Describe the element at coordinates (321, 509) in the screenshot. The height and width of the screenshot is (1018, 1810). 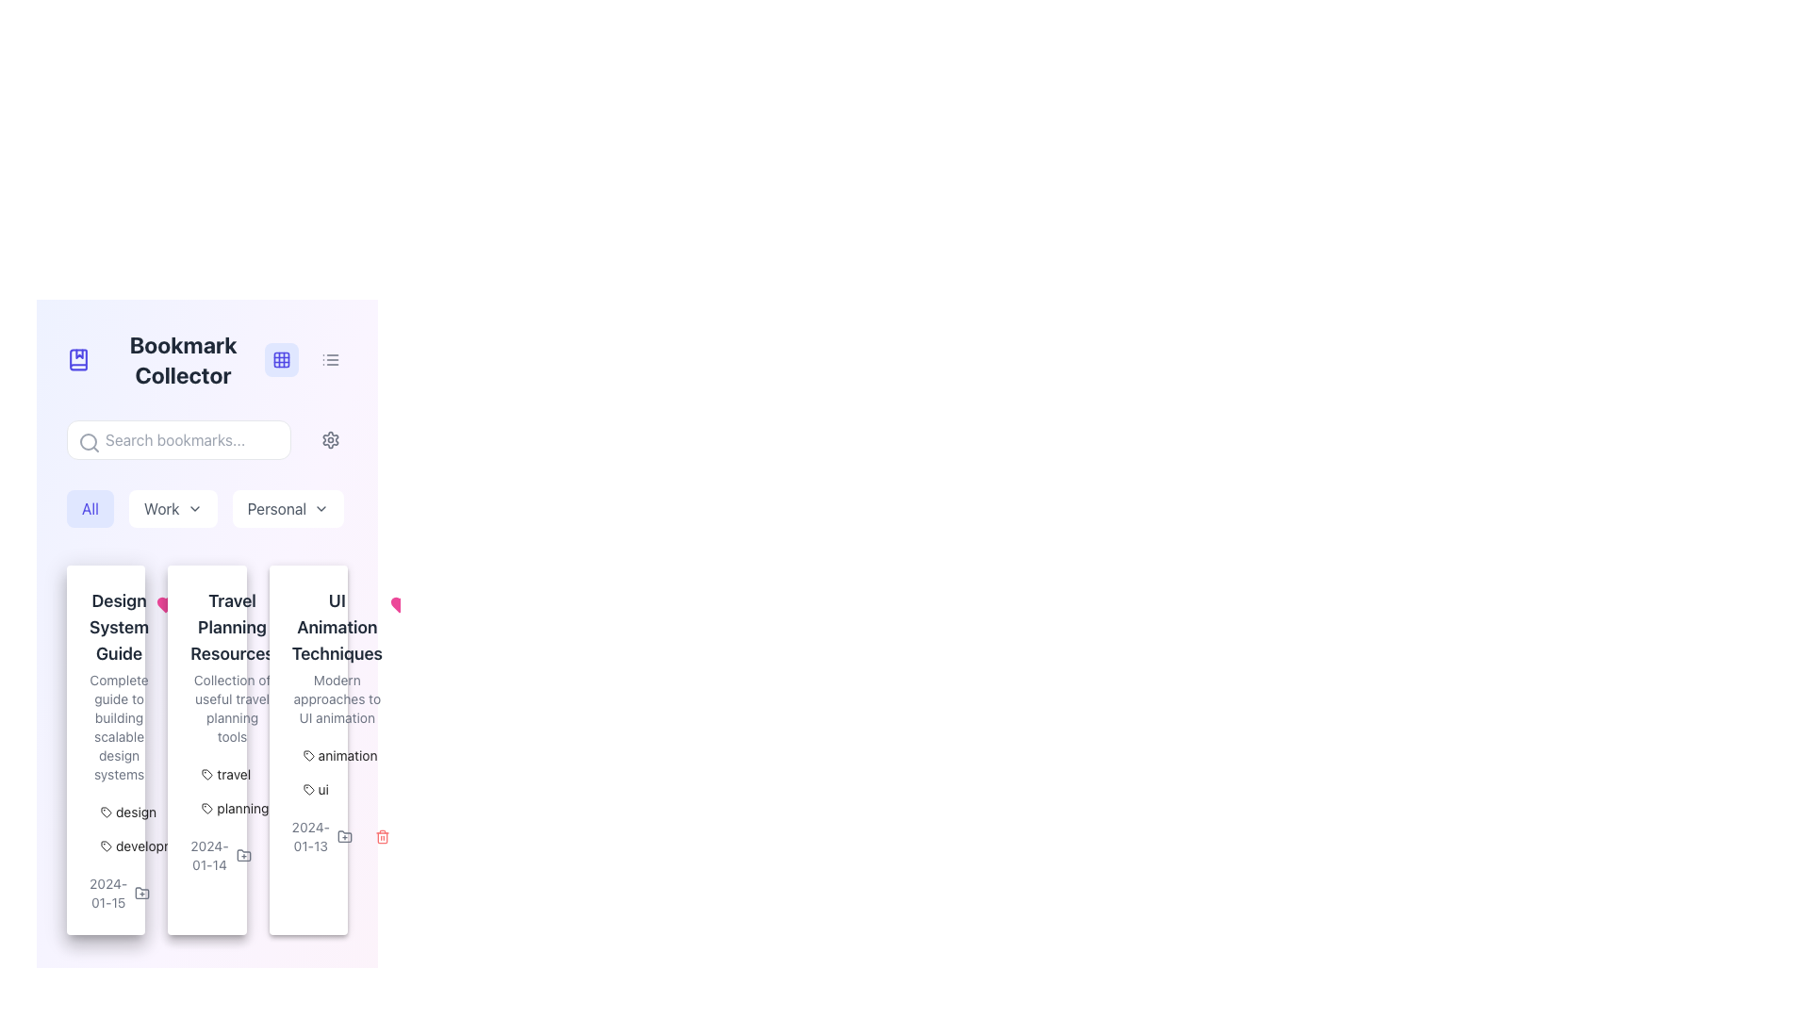
I see `the small downward-facing chevron icon located to the right of the text labeled 'Personal'` at that location.